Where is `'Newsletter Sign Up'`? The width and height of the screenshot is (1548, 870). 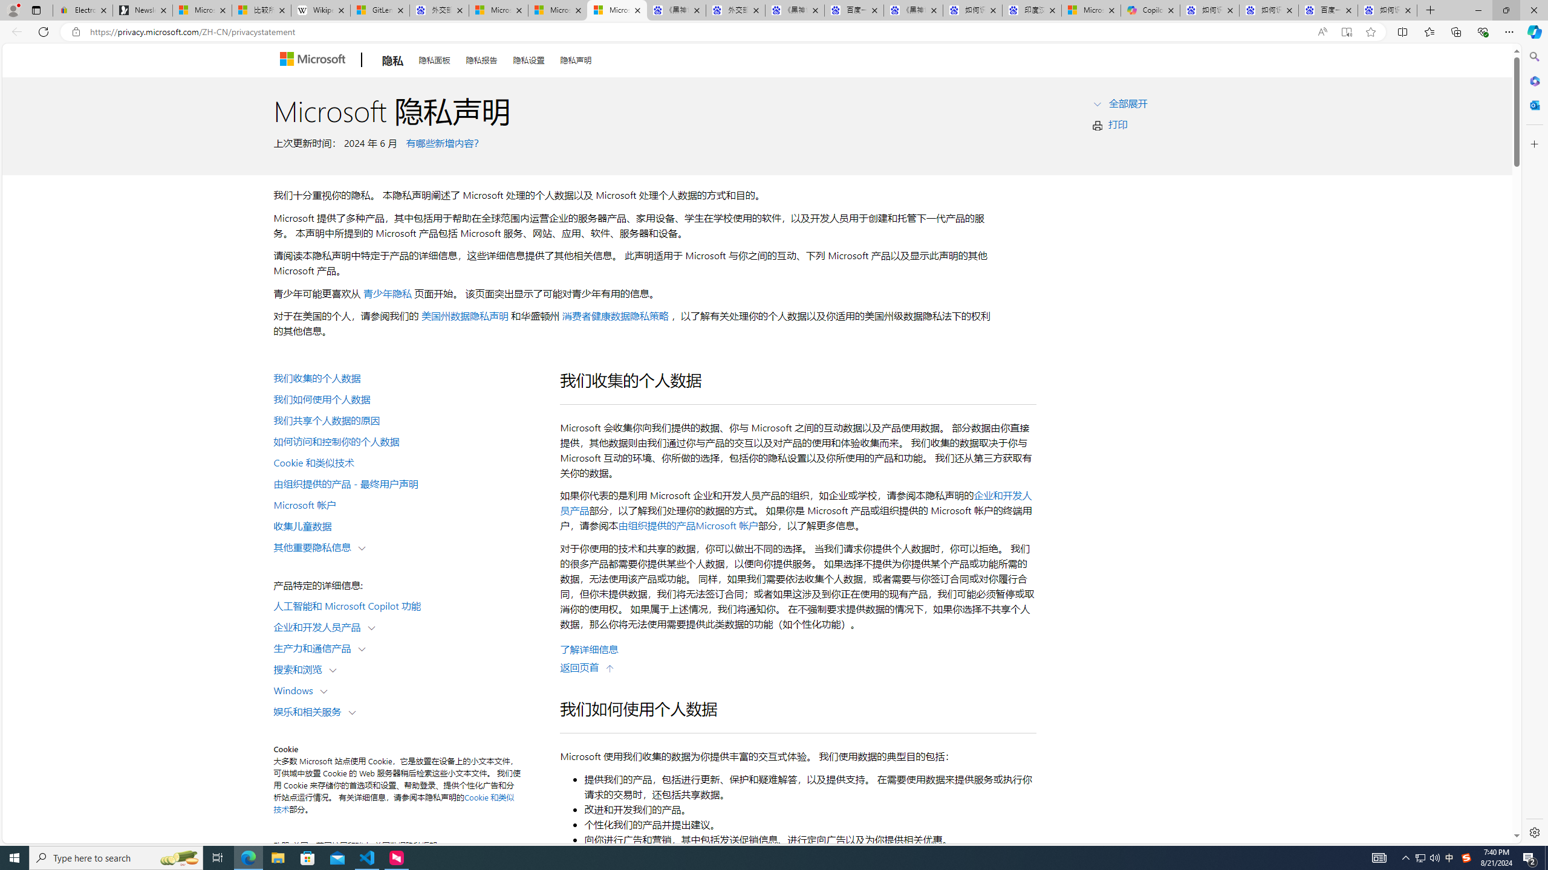 'Newsletter Sign Up' is located at coordinates (143, 10).